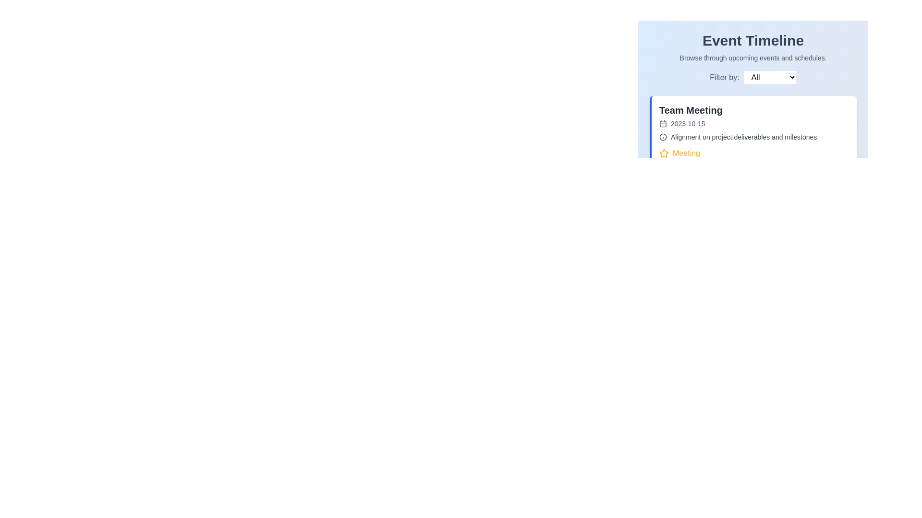  What do you see at coordinates (690, 116) in the screenshot?
I see `the 'Team Meeting' text block within the 'Event Timeline' section` at bounding box center [690, 116].